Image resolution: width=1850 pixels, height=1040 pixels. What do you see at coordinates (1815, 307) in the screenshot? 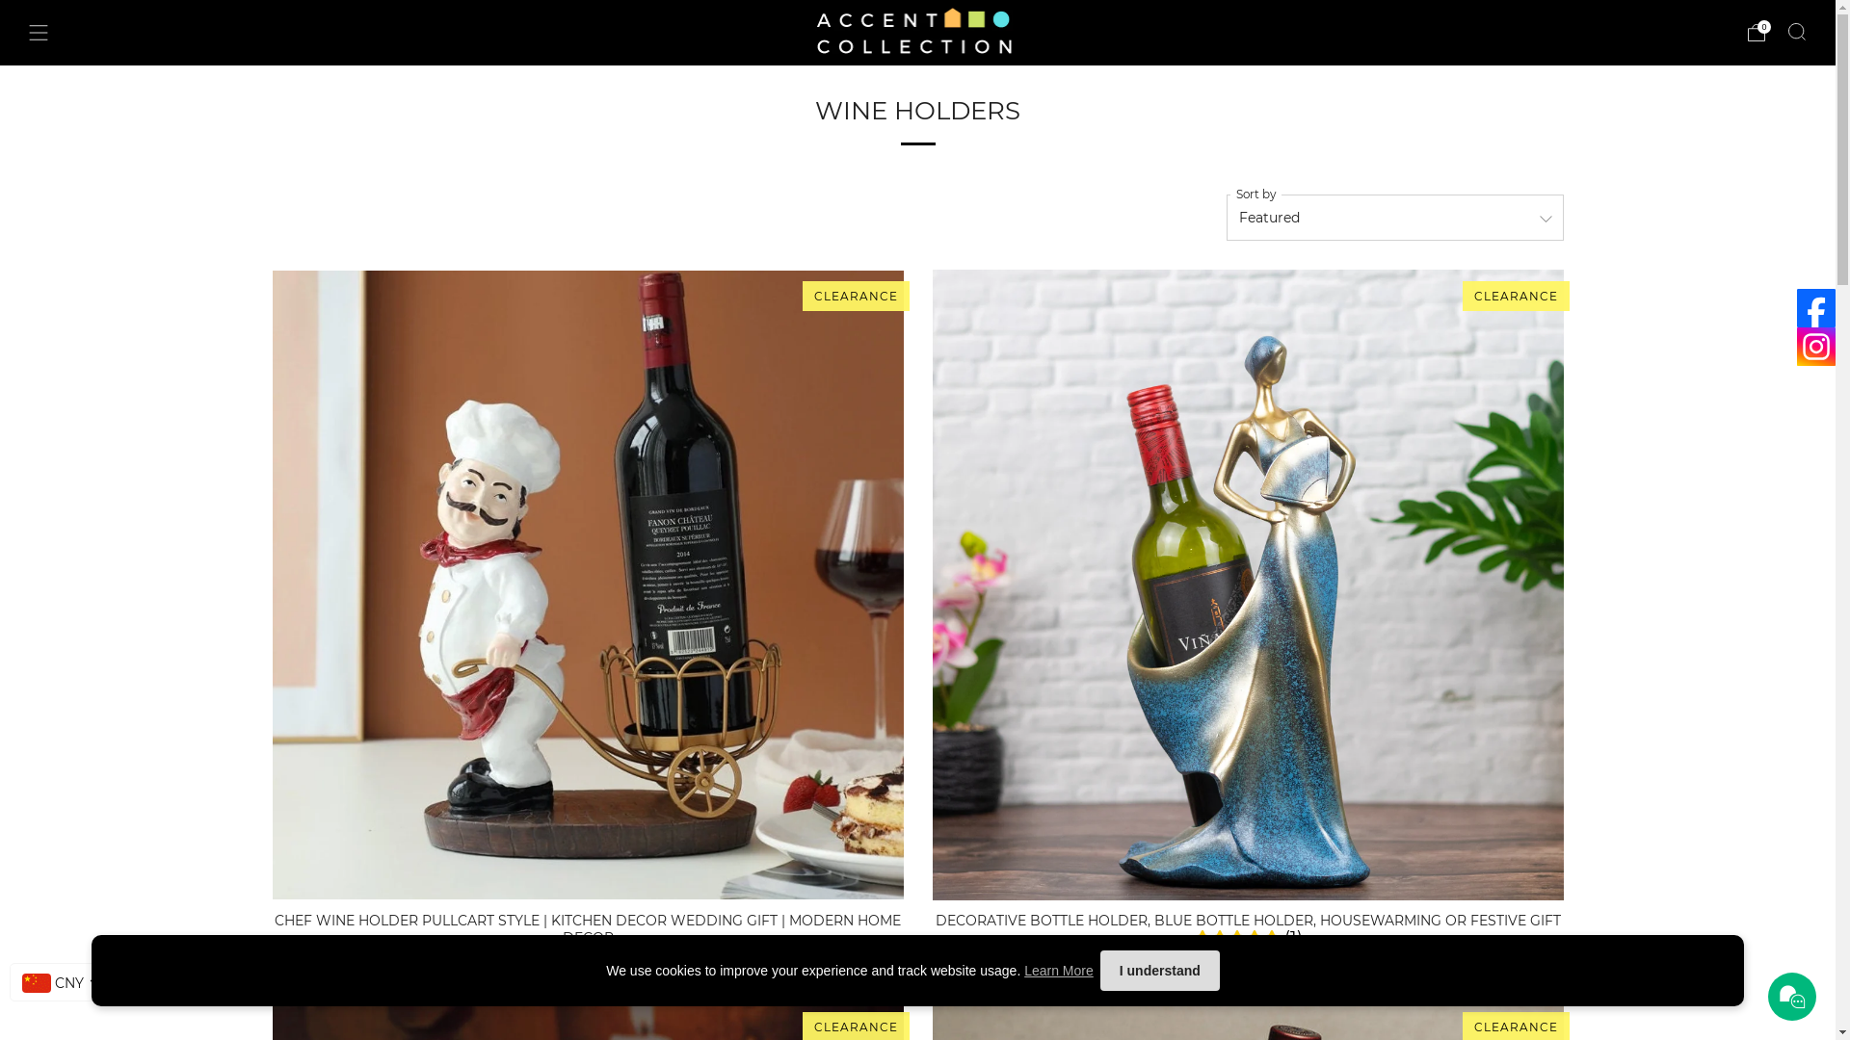
I see `'Facebook'` at bounding box center [1815, 307].